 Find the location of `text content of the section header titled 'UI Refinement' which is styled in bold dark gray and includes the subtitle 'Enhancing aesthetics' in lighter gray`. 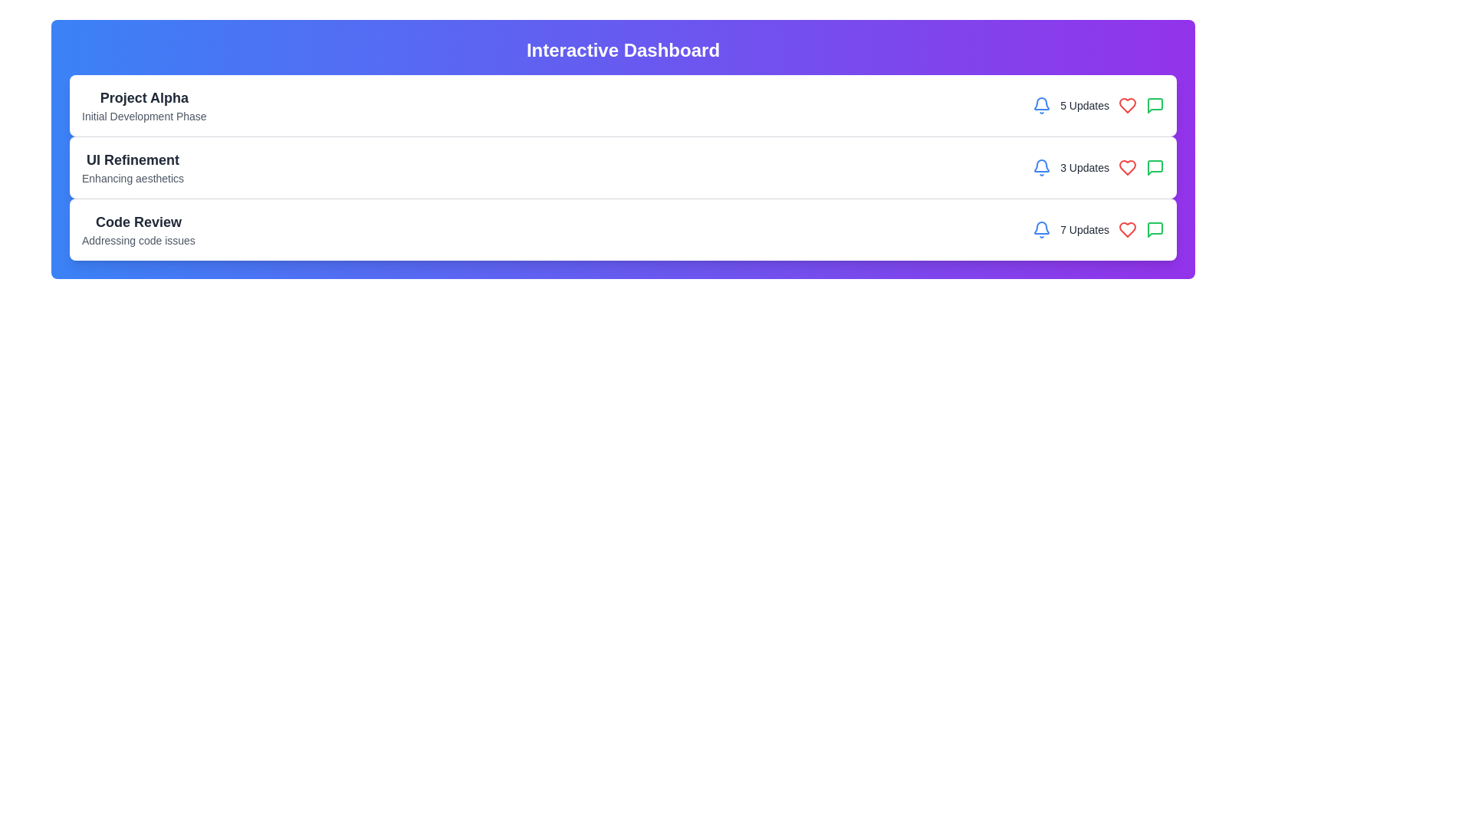

text content of the section header titled 'UI Refinement' which is styled in bold dark gray and includes the subtitle 'Enhancing aesthetics' in lighter gray is located at coordinates (133, 168).